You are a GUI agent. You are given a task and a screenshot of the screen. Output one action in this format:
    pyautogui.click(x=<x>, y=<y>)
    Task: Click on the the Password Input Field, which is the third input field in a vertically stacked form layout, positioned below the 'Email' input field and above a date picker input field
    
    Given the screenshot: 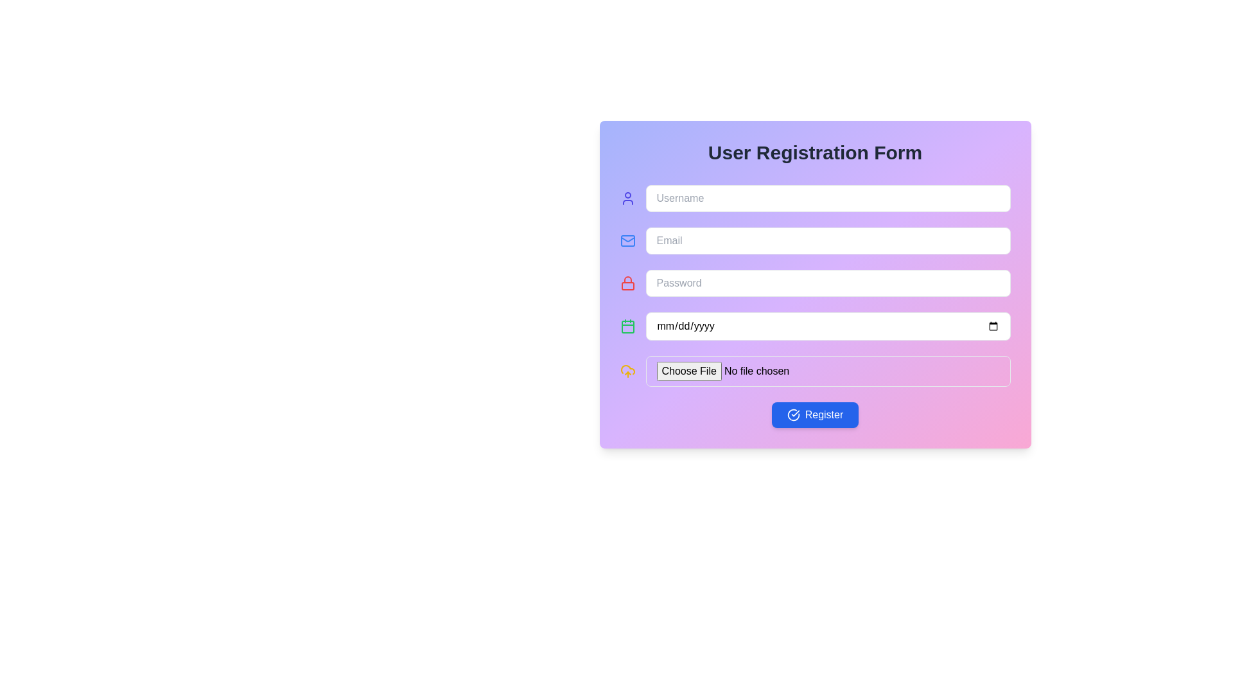 What is the action you would take?
    pyautogui.click(x=828, y=282)
    